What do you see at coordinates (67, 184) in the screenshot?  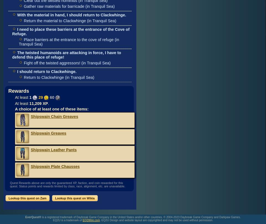 I see `'Quest Rewards above are only the guaranteed XP, faction, and coin rewarded for this quest. Status points and rewards limited by class, race, alignment, etc. are unavailable.'` at bounding box center [67, 184].